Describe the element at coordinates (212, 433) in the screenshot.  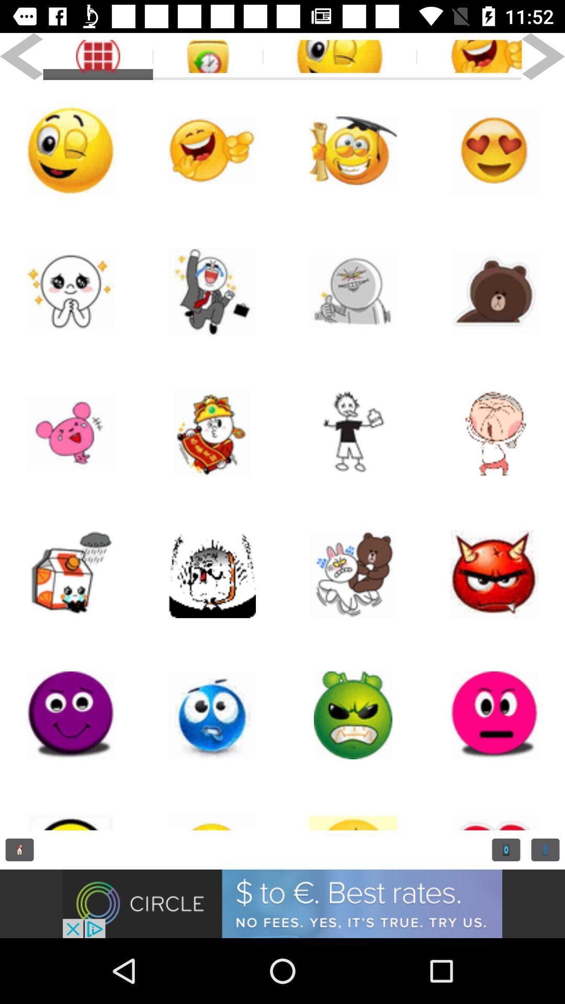
I see `doll page` at that location.